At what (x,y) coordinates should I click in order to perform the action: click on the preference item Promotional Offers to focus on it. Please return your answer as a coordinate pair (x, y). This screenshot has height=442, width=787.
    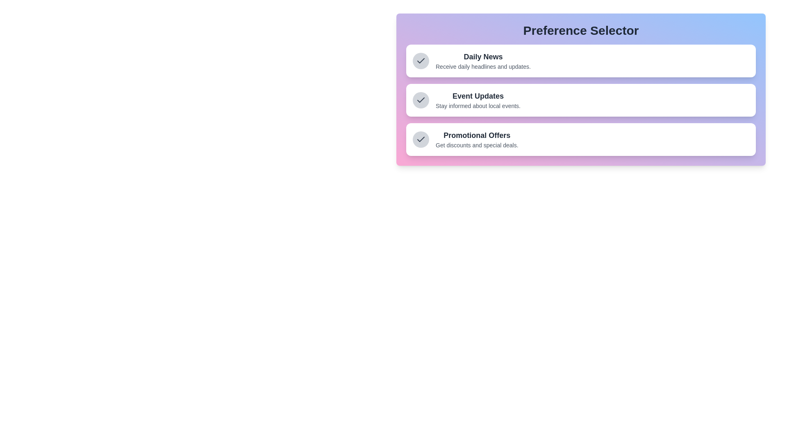
    Looking at the image, I should click on (421, 139).